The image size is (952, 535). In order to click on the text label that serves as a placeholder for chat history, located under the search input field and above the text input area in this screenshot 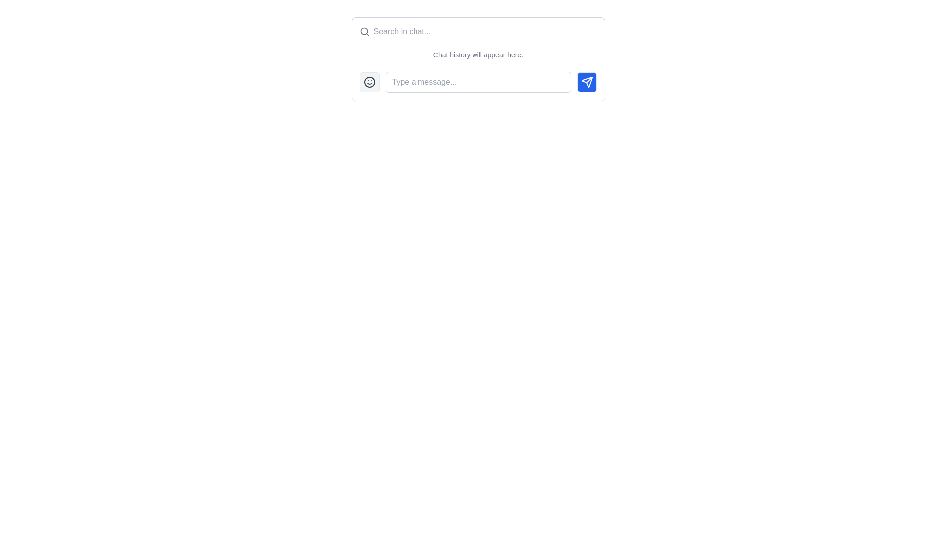, I will do `click(478, 57)`.